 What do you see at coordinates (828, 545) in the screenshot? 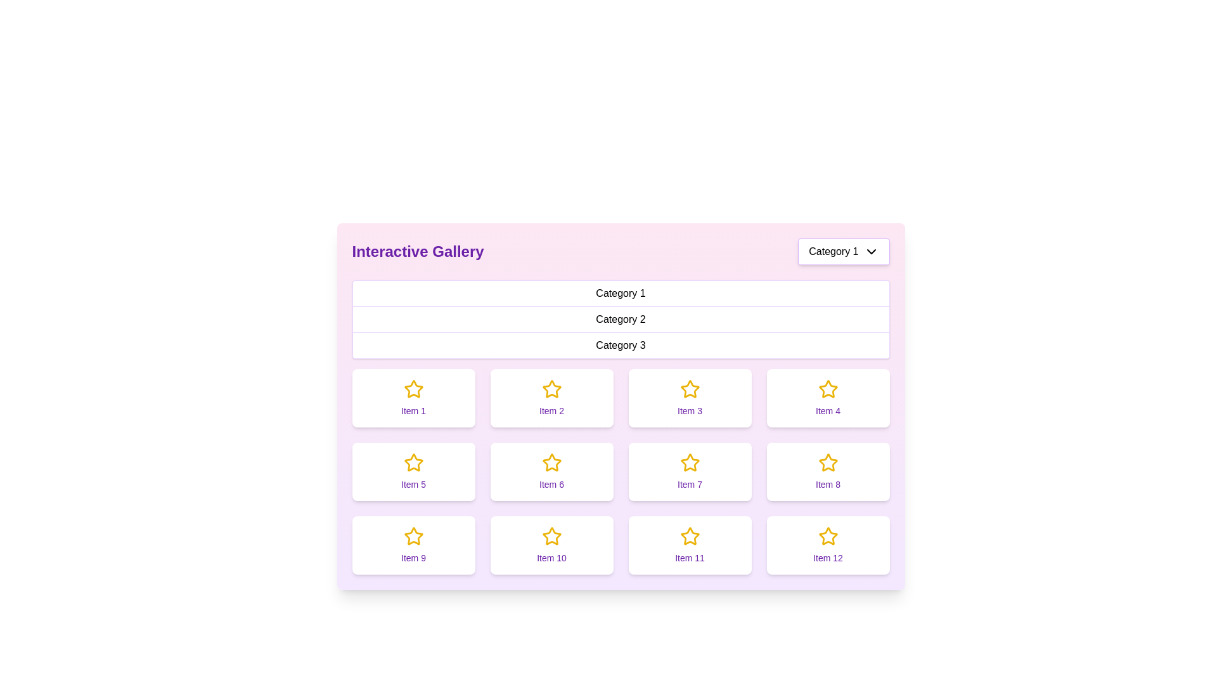
I see `the display card component that contains a yellow outlined star icon above the text 'Item 12' in purple font, located in the 4th column of the 3rd row of a grid layout` at bounding box center [828, 545].